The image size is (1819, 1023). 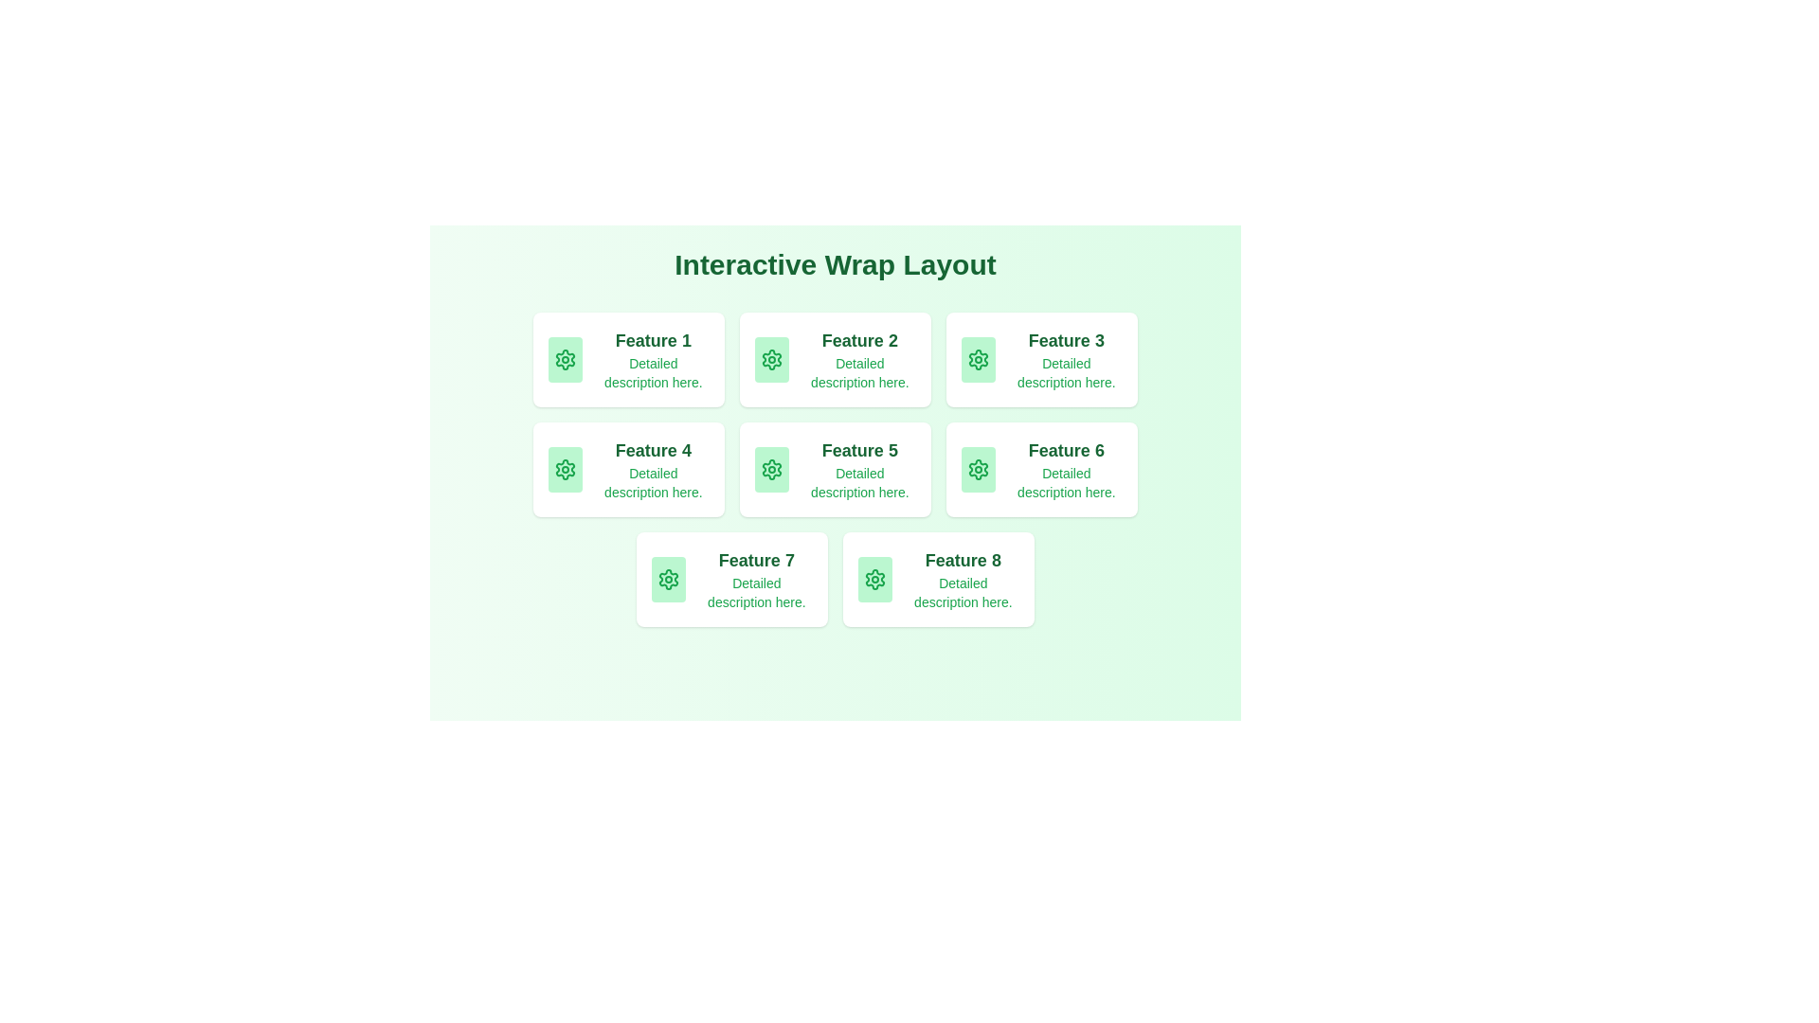 I want to click on the center-aligned gear icon located in the 'Feature 5' box in the second row, middle column, so click(x=771, y=469).